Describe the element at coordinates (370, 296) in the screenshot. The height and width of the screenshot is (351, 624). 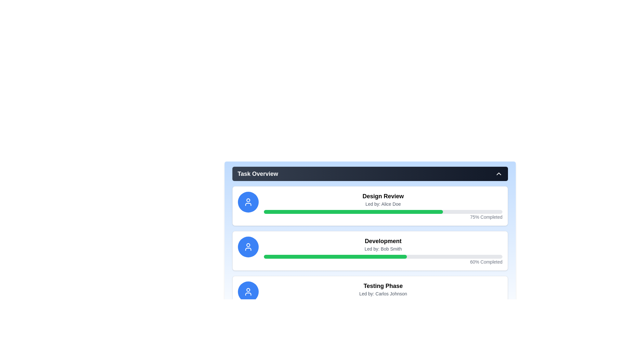
I see `progress information from the Task panel showing '85% Completed' which is located at the bottom of the task list and is the last panel with a circular blue user icon on the left and the title 'Testing Phase'` at that location.